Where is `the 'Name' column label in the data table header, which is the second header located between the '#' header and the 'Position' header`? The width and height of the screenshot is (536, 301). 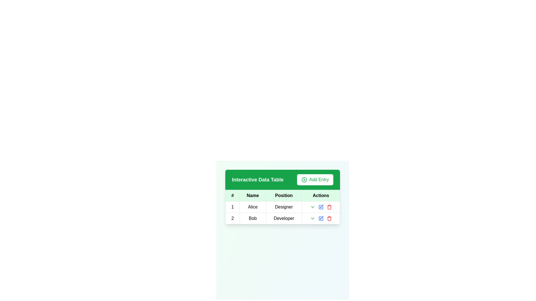
the 'Name' column label in the data table header, which is the second header located between the '#' header and the 'Position' header is located at coordinates (252, 195).